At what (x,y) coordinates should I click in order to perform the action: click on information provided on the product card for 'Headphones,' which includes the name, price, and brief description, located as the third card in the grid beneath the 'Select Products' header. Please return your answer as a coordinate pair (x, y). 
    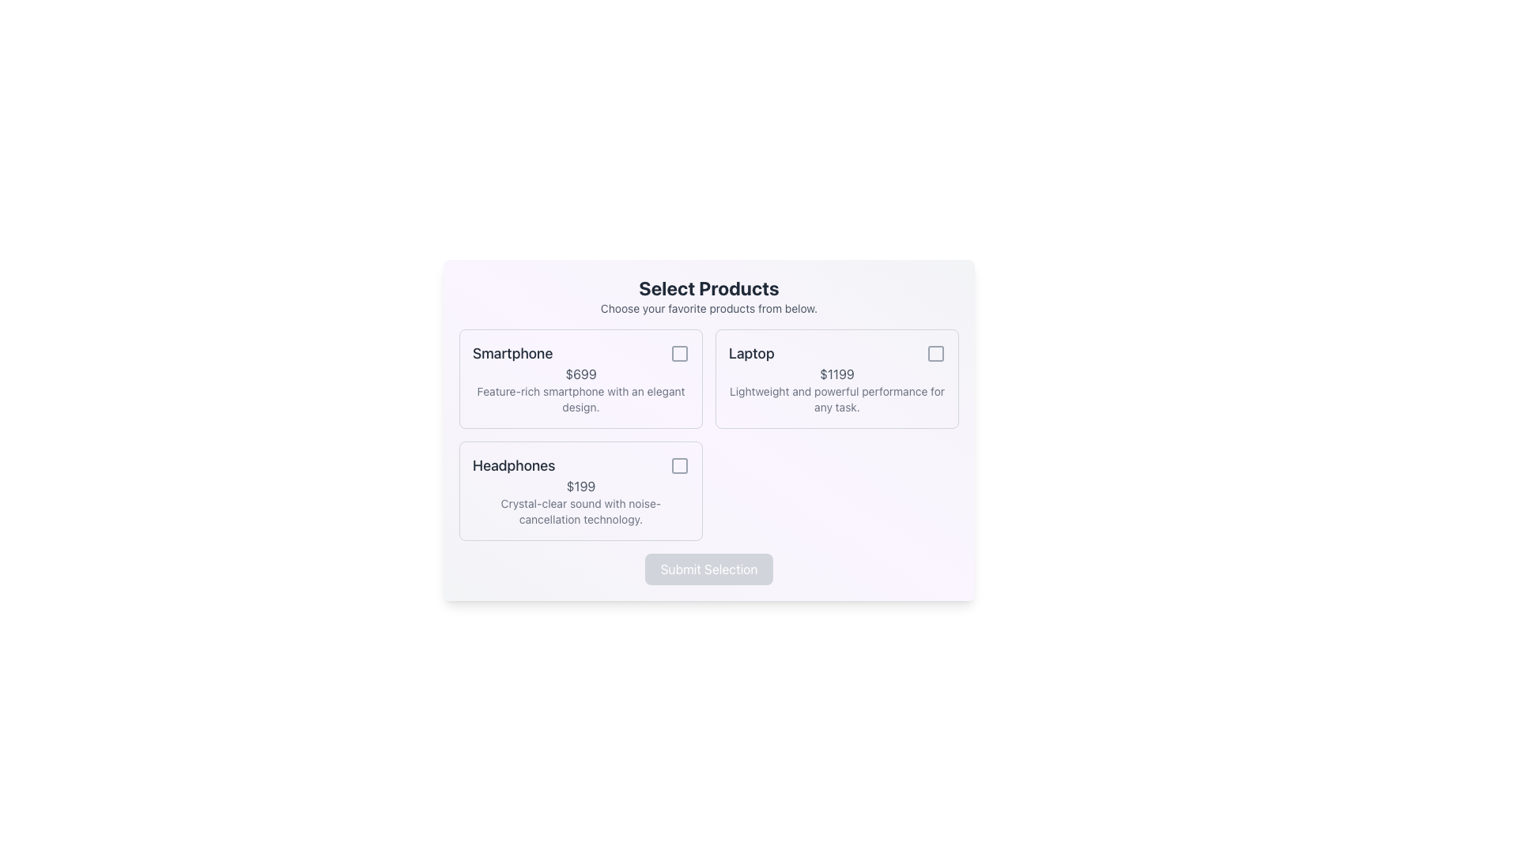
    Looking at the image, I should click on (580, 490).